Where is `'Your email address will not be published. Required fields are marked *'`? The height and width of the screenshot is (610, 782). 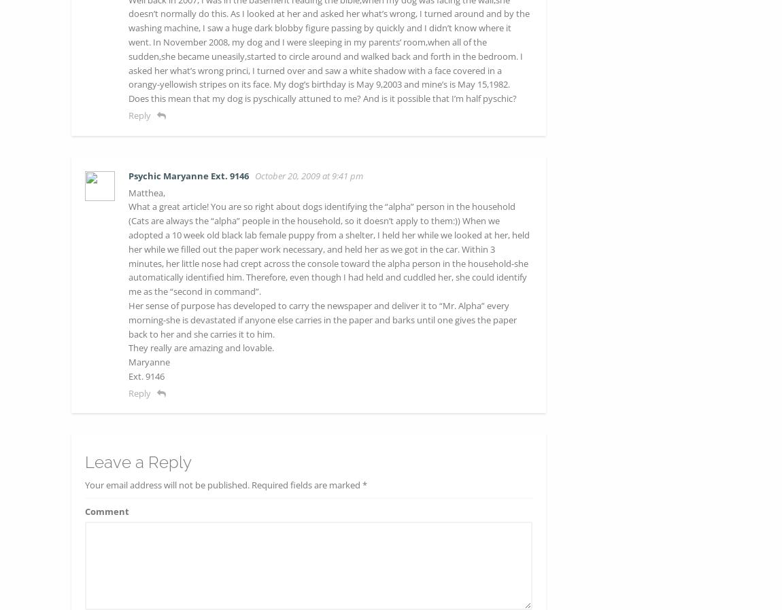 'Your email address will not be published. Required fields are marked *' is located at coordinates (226, 484).